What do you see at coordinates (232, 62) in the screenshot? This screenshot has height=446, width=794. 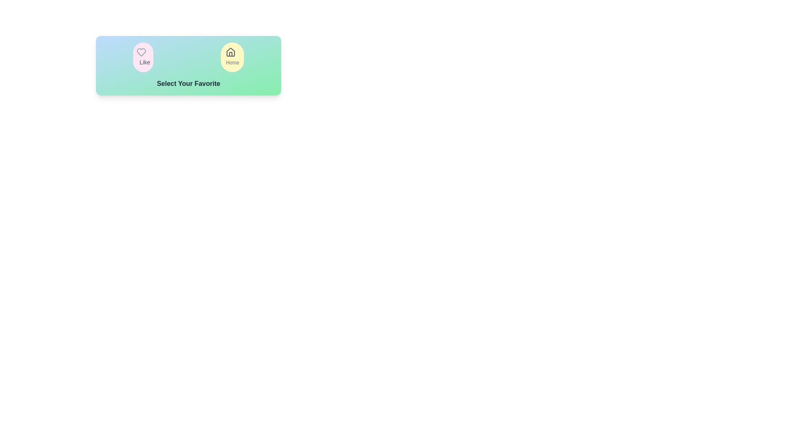 I see `the 'Home' text label, which is a small light gray label positioned below a house icon on the right side of the interface` at bounding box center [232, 62].